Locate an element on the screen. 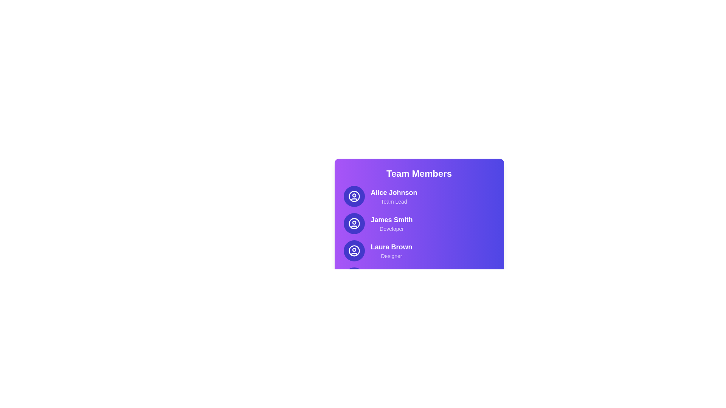  the text label displaying the professional role of 'James Smith', which is the second role label in a vertically aligned list of team members, located under the 'James Smith' name entry is located at coordinates (392, 228).